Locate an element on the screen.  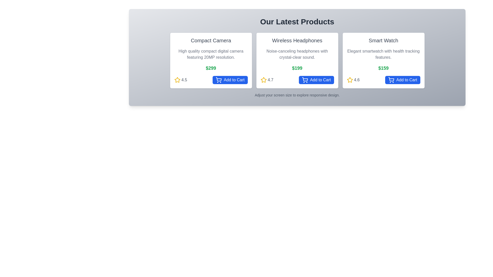
the star-shaped icon with a yellow outline next to the text '4.6' in the Smart Watch product description card is located at coordinates (349, 80).